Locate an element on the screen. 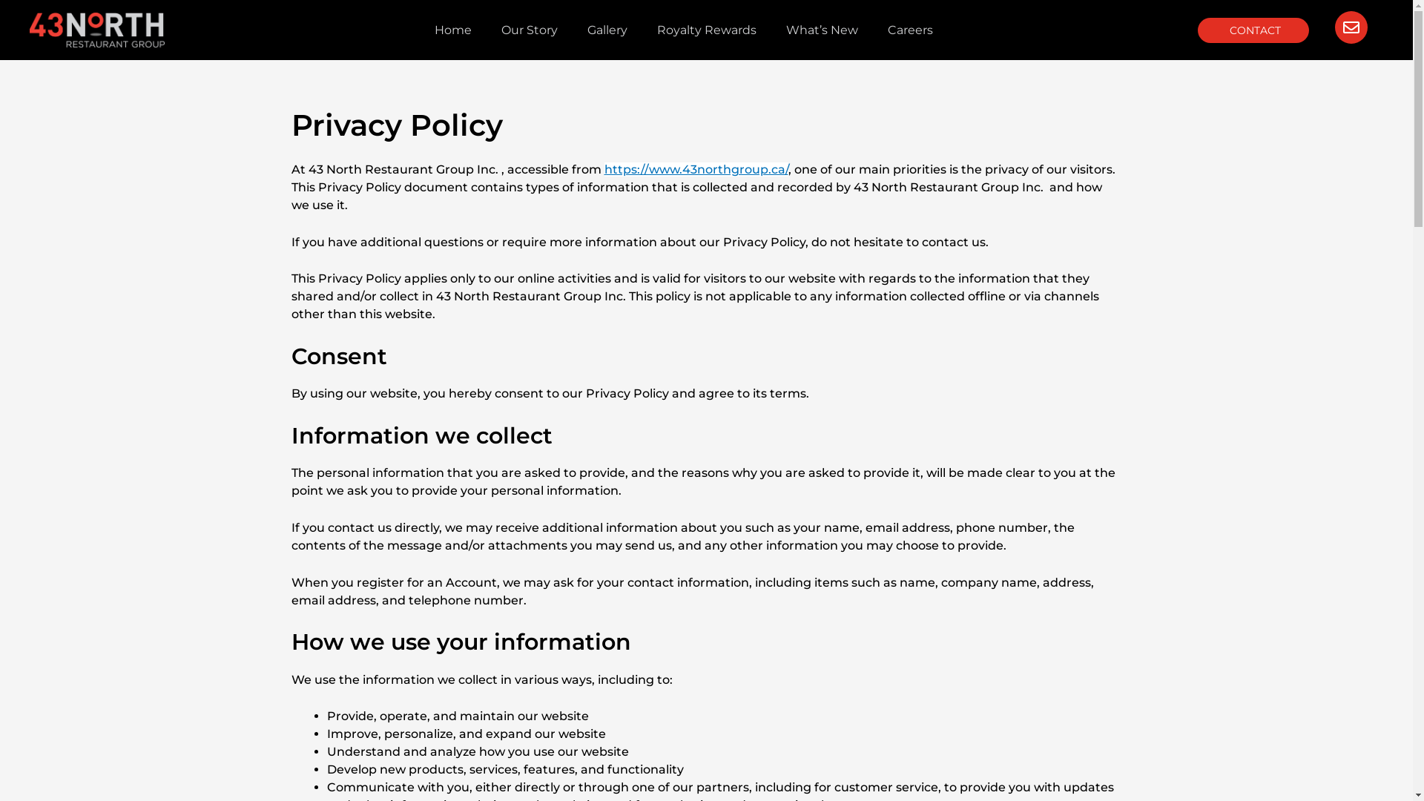 The image size is (1424, 801). 'Our Story' is located at coordinates (487, 30).